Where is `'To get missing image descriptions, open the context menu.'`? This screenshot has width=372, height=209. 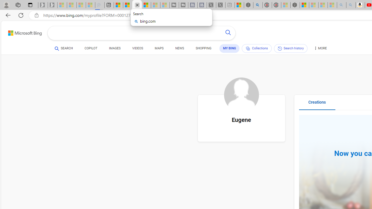
'To get missing image descriptions, open the context menu.' is located at coordinates (241, 95).